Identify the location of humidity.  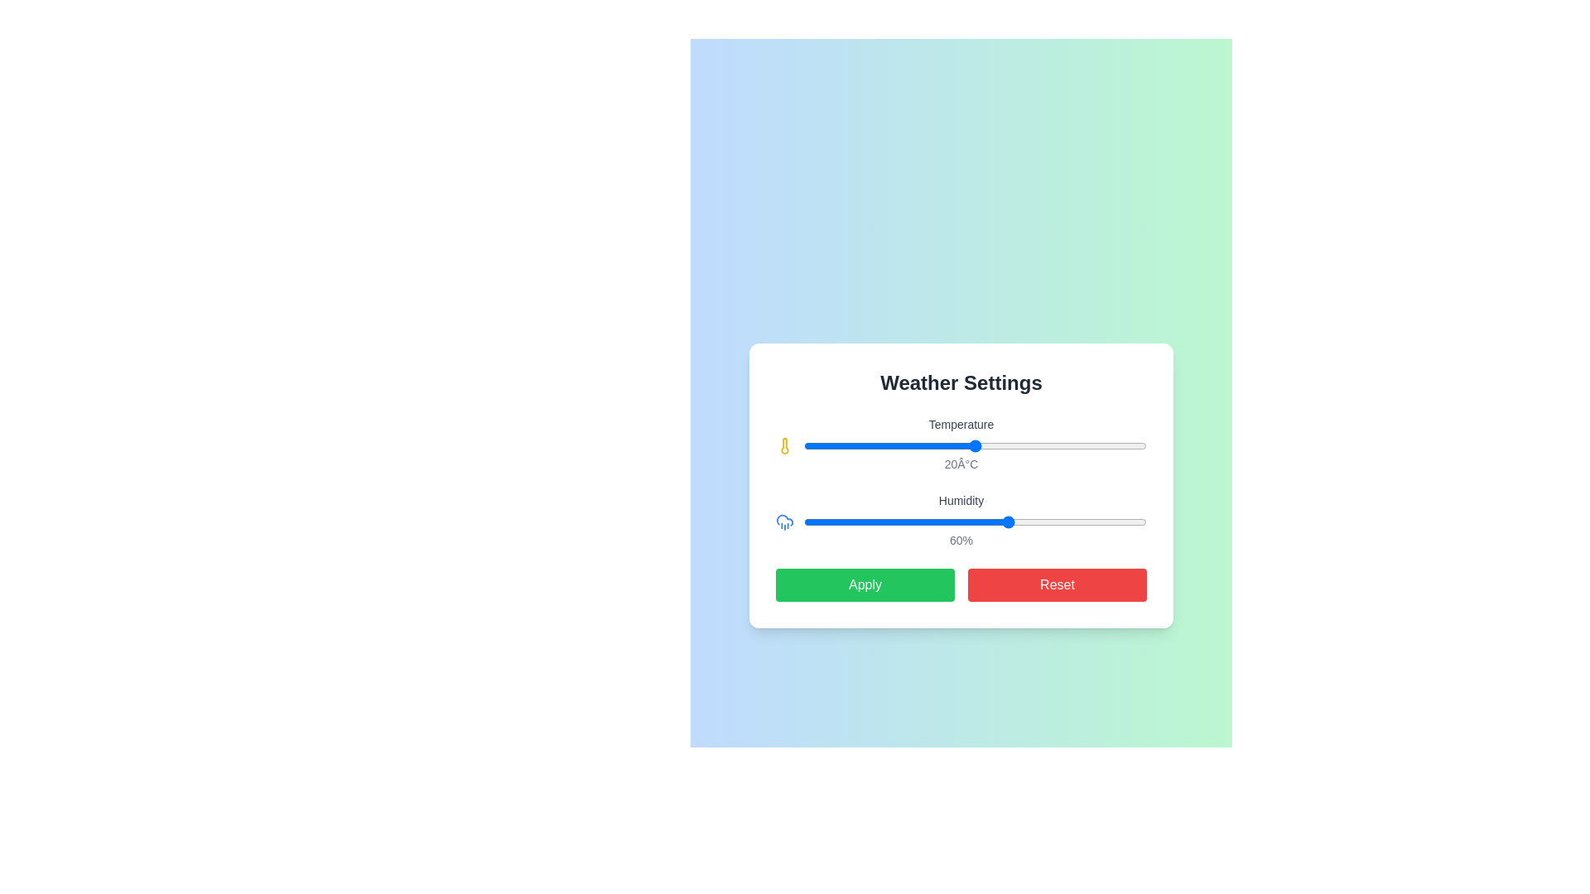
(1115, 522).